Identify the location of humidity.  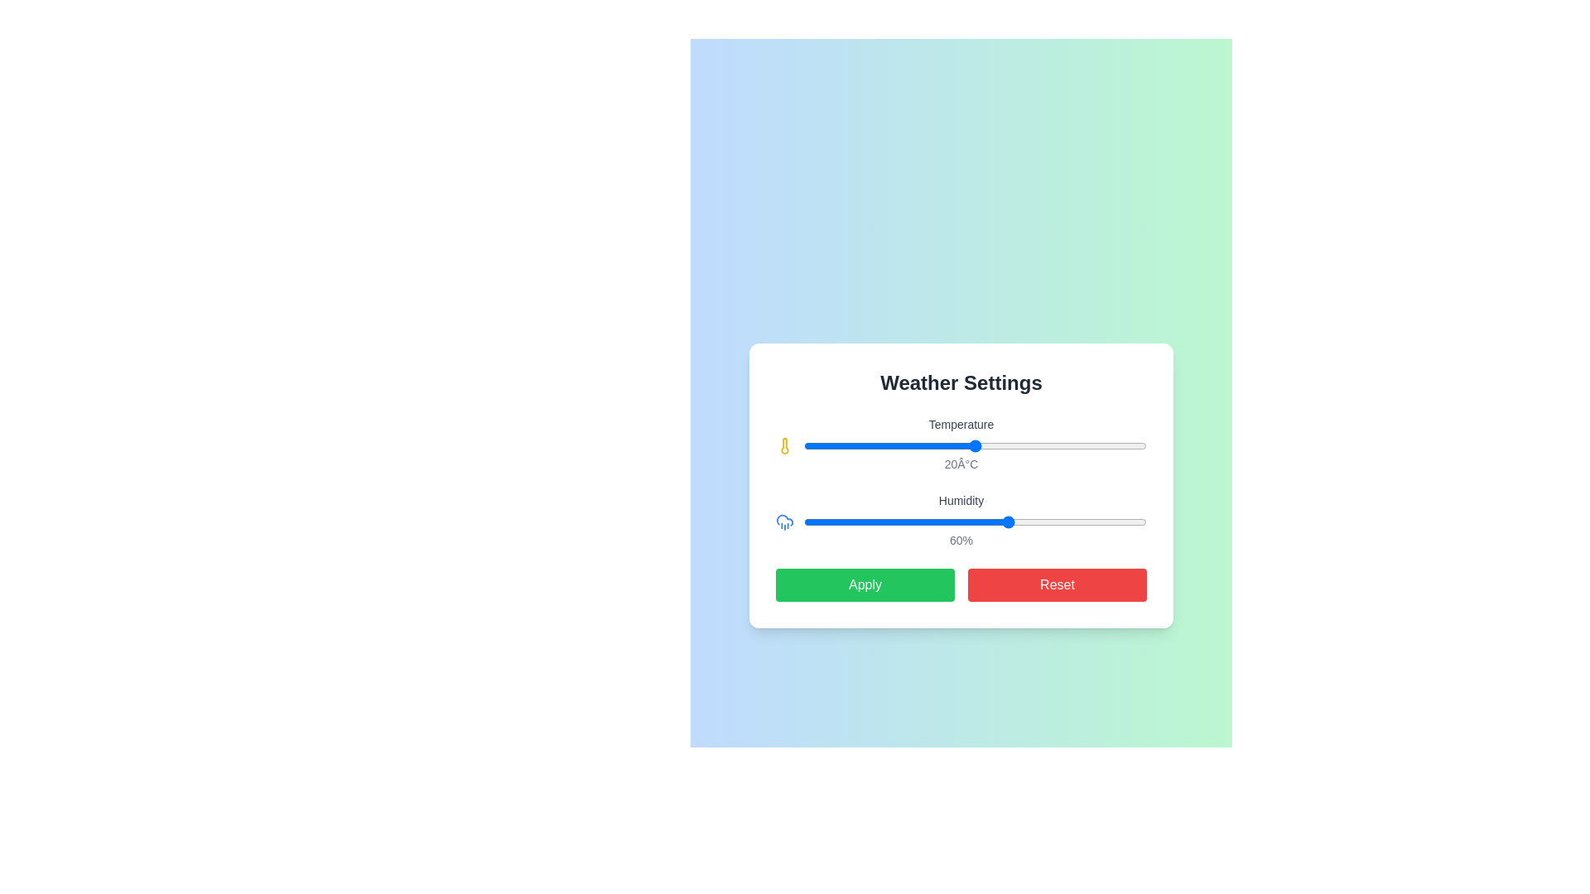
(1115, 522).